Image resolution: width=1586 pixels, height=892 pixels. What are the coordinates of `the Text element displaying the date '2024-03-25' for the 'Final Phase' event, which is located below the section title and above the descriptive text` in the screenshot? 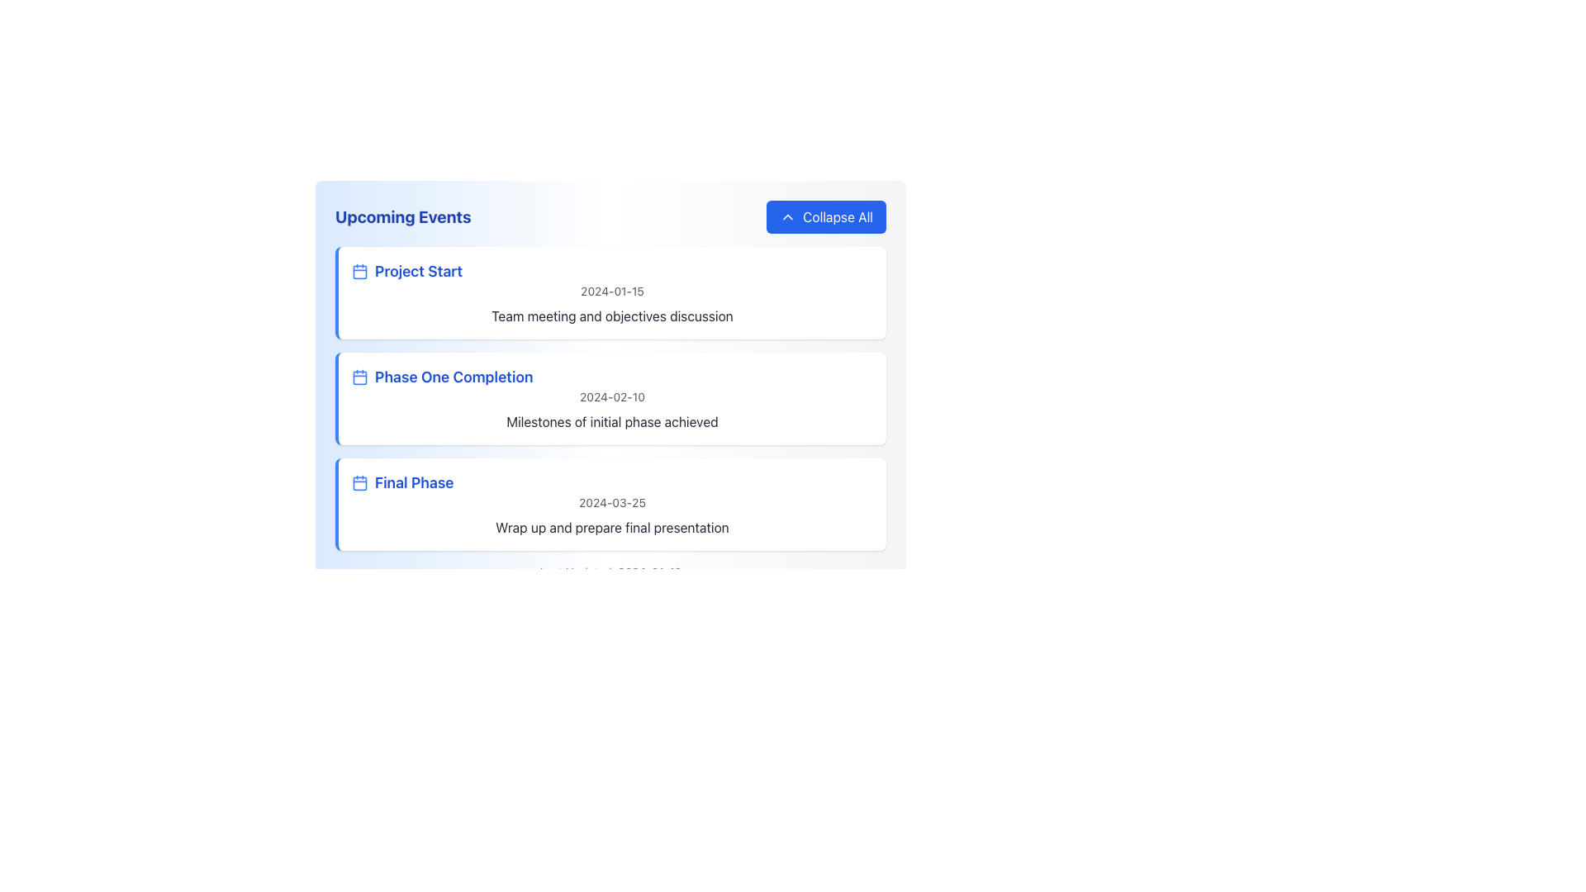 It's located at (611, 502).